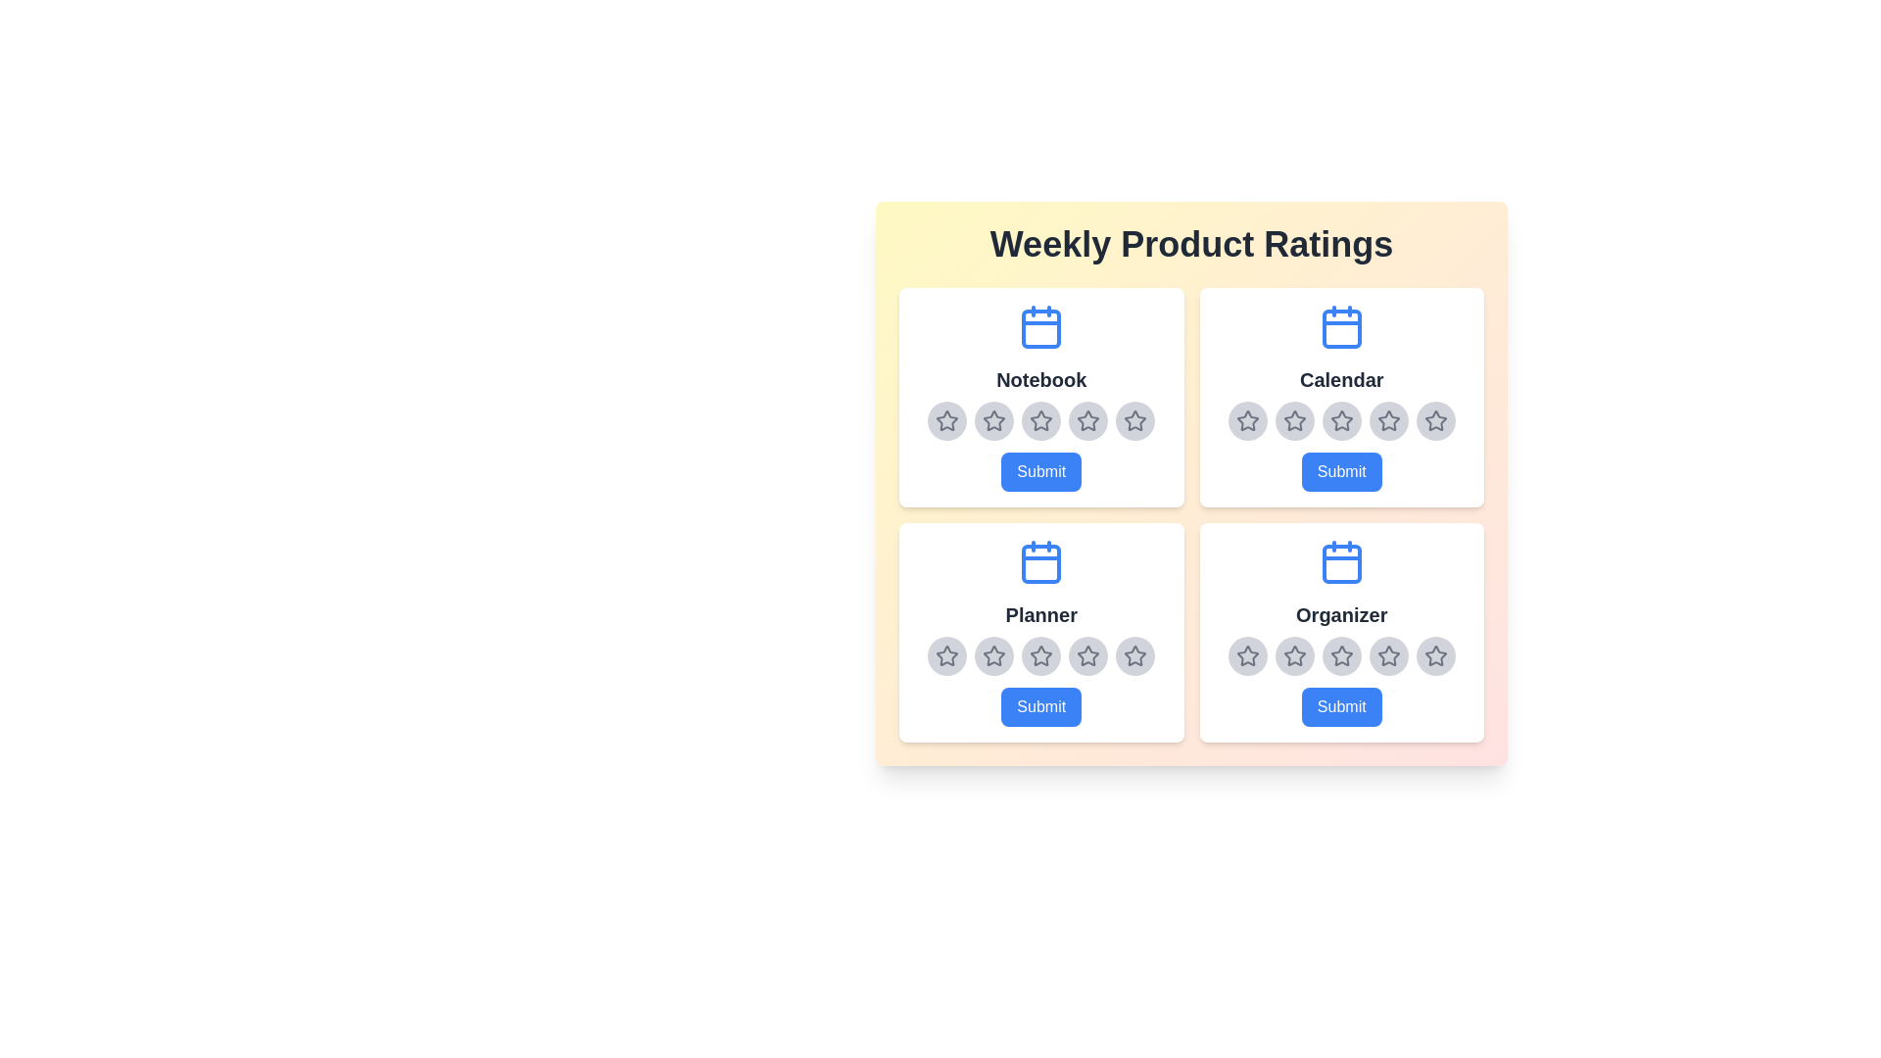 The height and width of the screenshot is (1058, 1881). What do you see at coordinates (1340, 706) in the screenshot?
I see `submit button for the product Organizer` at bounding box center [1340, 706].